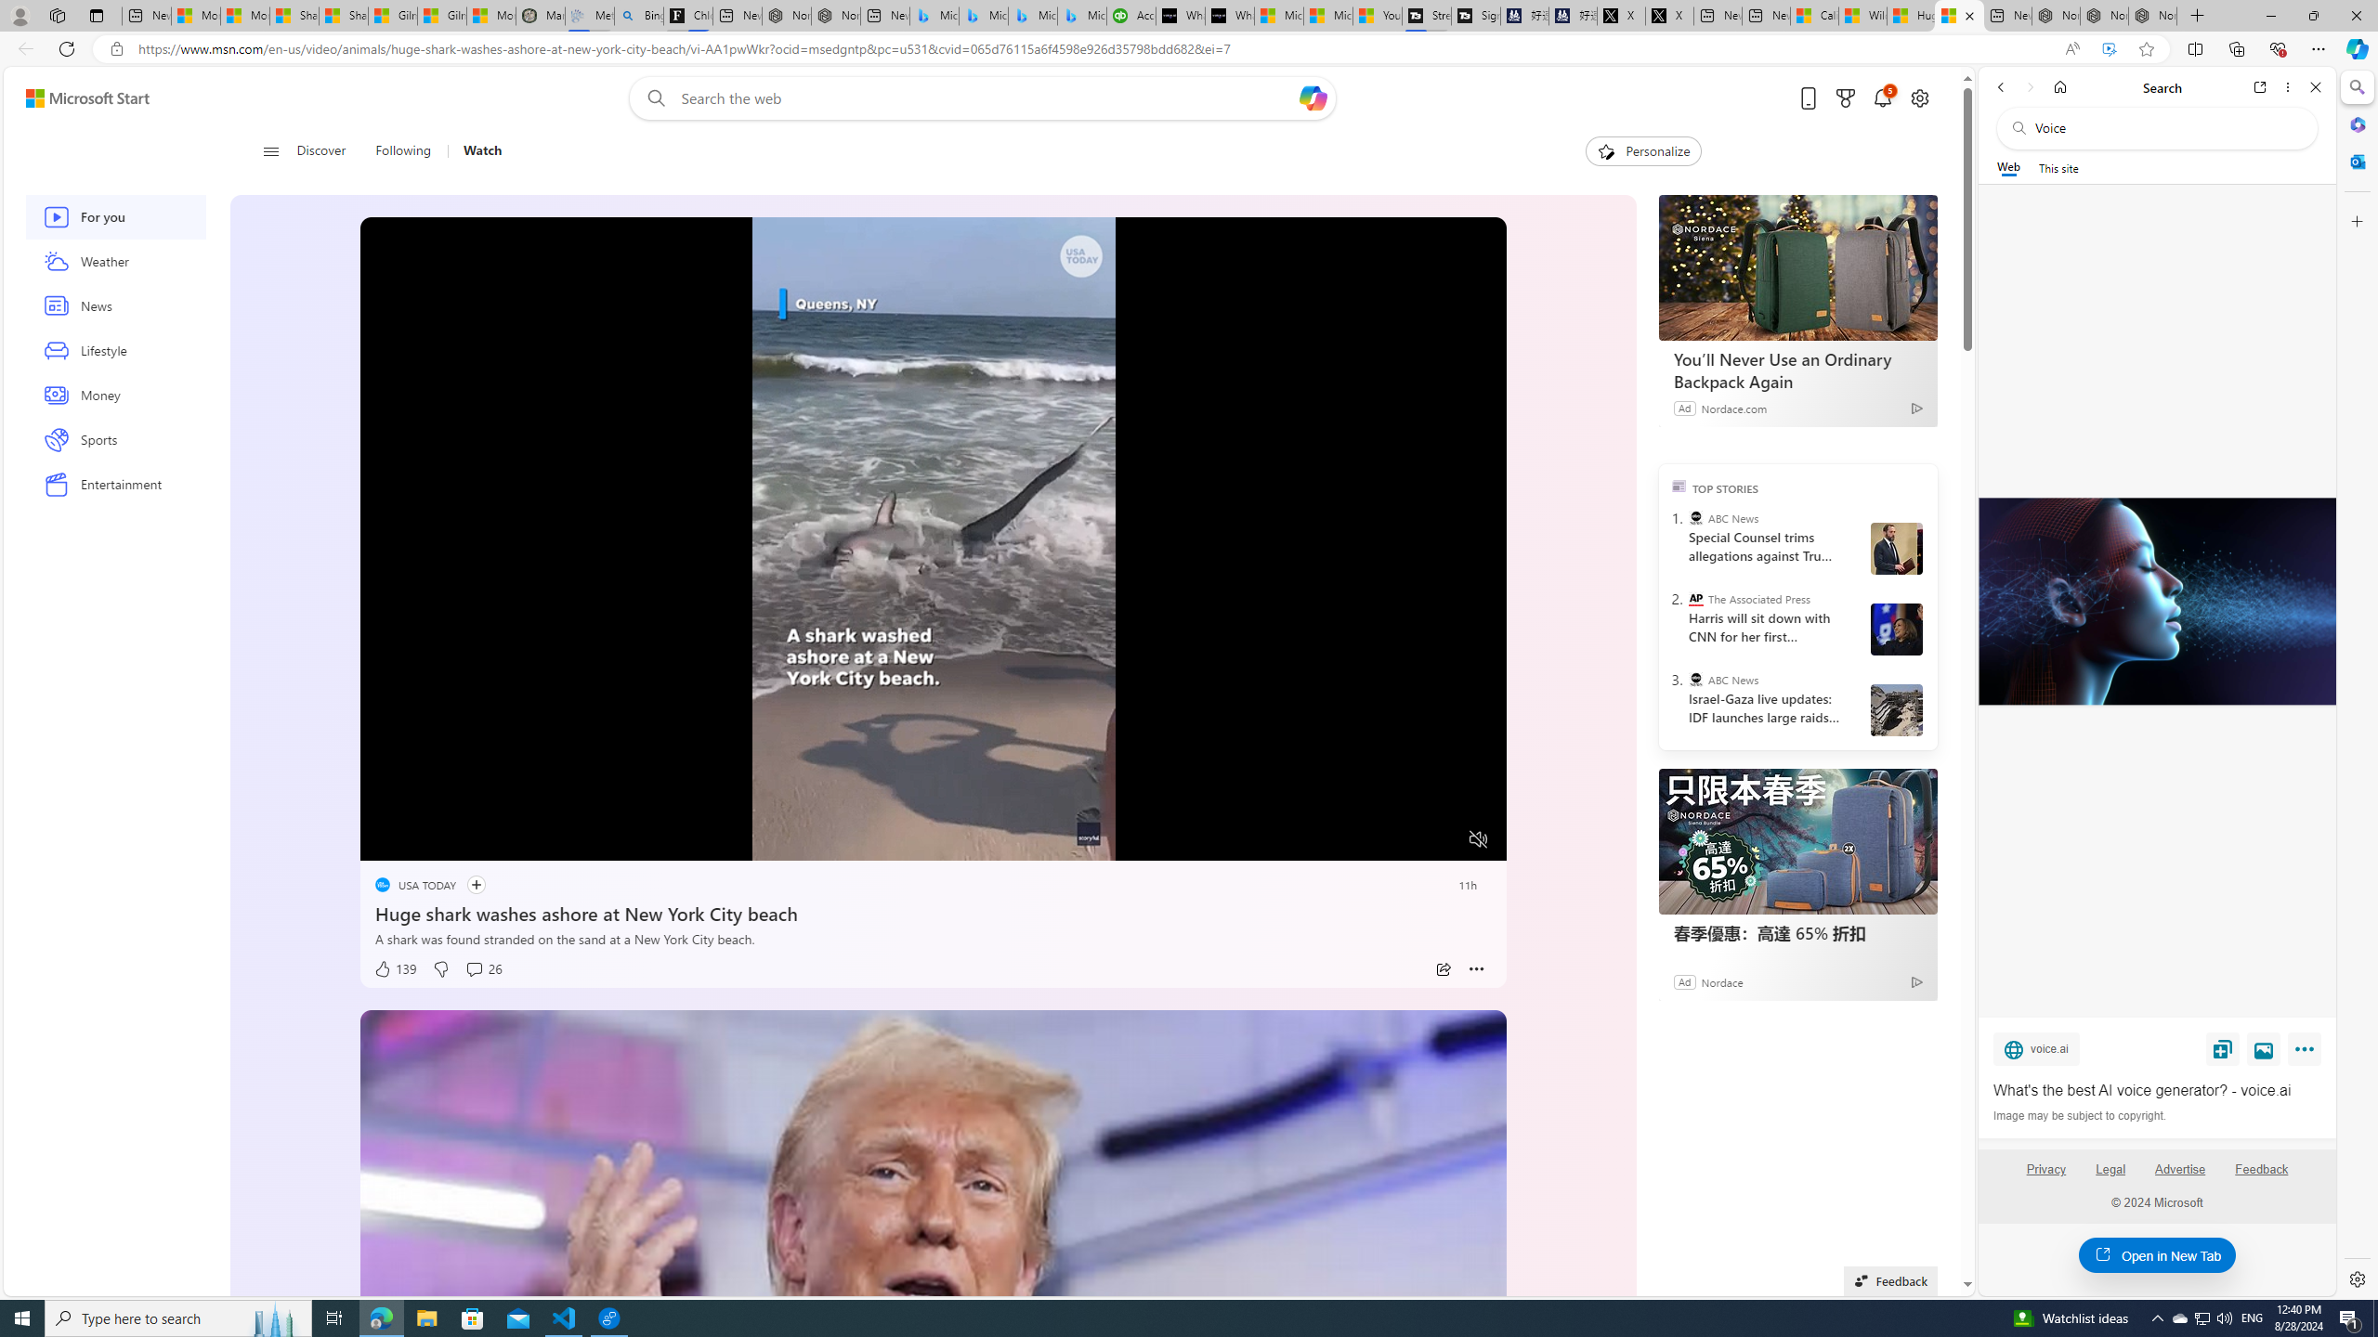 Image resolution: width=2378 pixels, height=1337 pixels. I want to click on 'Advertise', so click(2180, 1169).